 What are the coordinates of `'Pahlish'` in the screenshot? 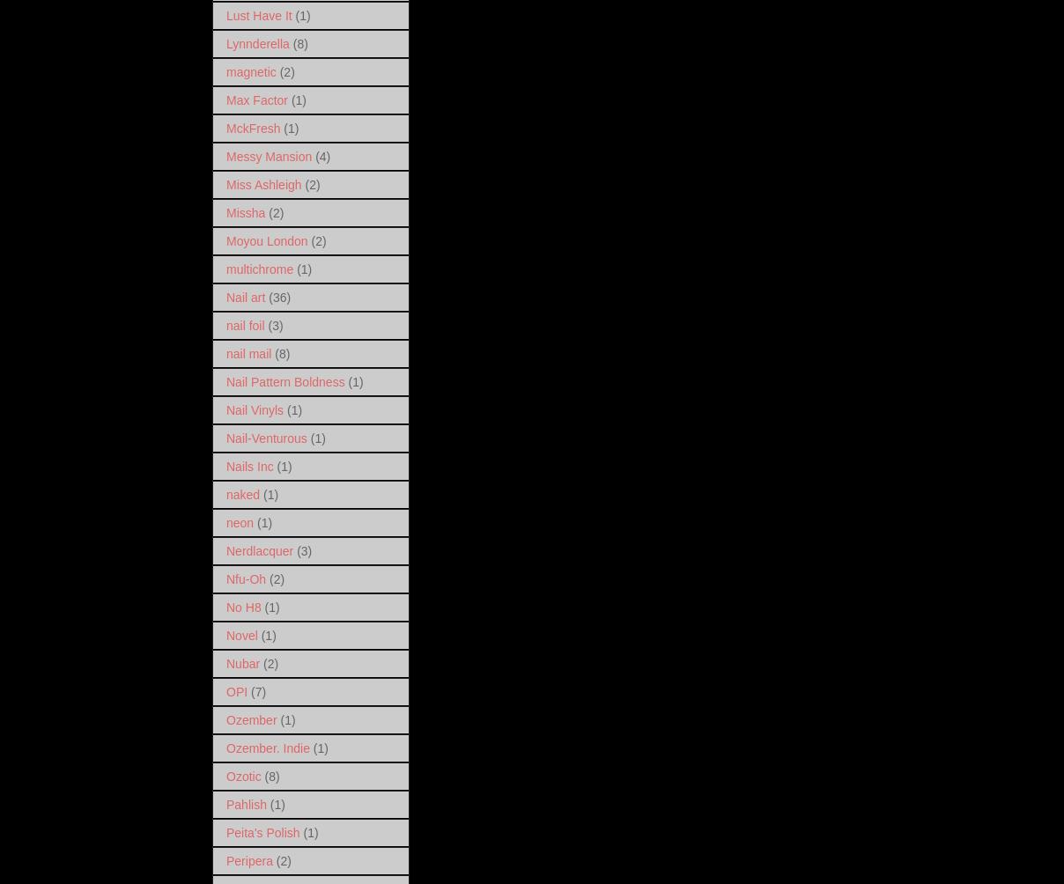 It's located at (246, 803).